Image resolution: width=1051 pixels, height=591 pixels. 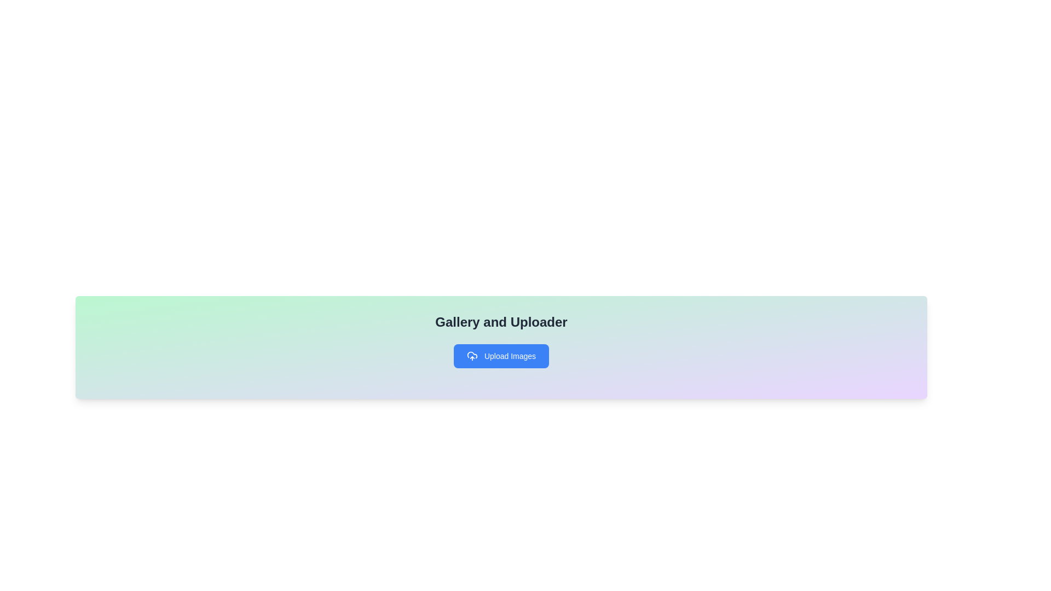 What do you see at coordinates (472, 356) in the screenshot?
I see `the cloud icon with an upward-pointing arrow inside the 'Upload Images' button, which is centrally located in the interface` at bounding box center [472, 356].